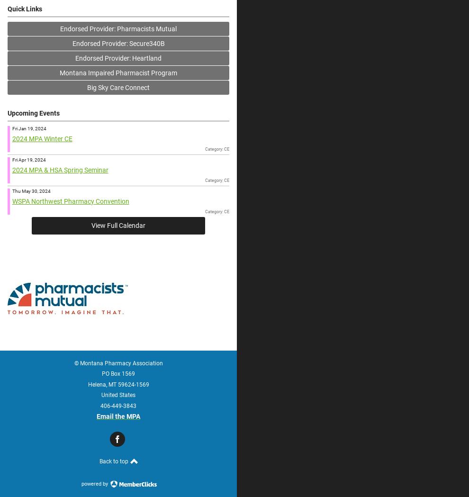 This screenshot has width=469, height=497. Describe the element at coordinates (60, 28) in the screenshot. I see `'Endorsed Provider: Pharmacists Mutual'` at that location.